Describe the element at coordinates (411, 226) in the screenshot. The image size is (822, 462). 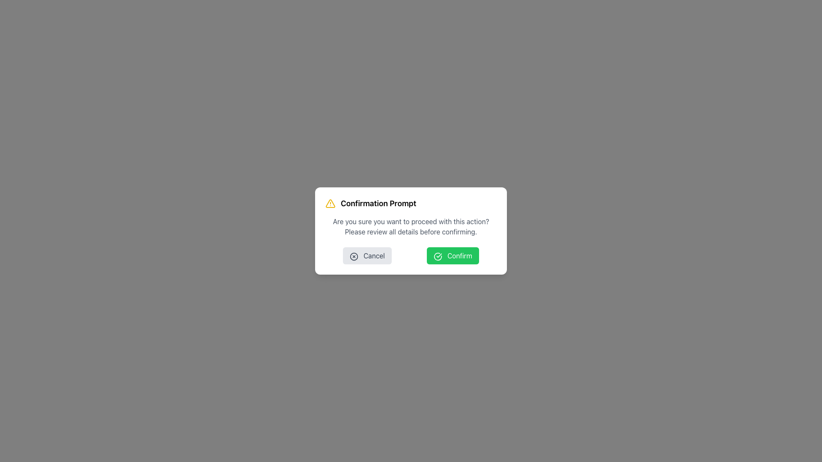
I see `warning or confirmation message presented in the gray font of the Static Text located centrally in the confirmation dialog box, below the title 'Confirmation Prompt' and above the action buttons 'Cancel' and 'Confirm'` at that location.